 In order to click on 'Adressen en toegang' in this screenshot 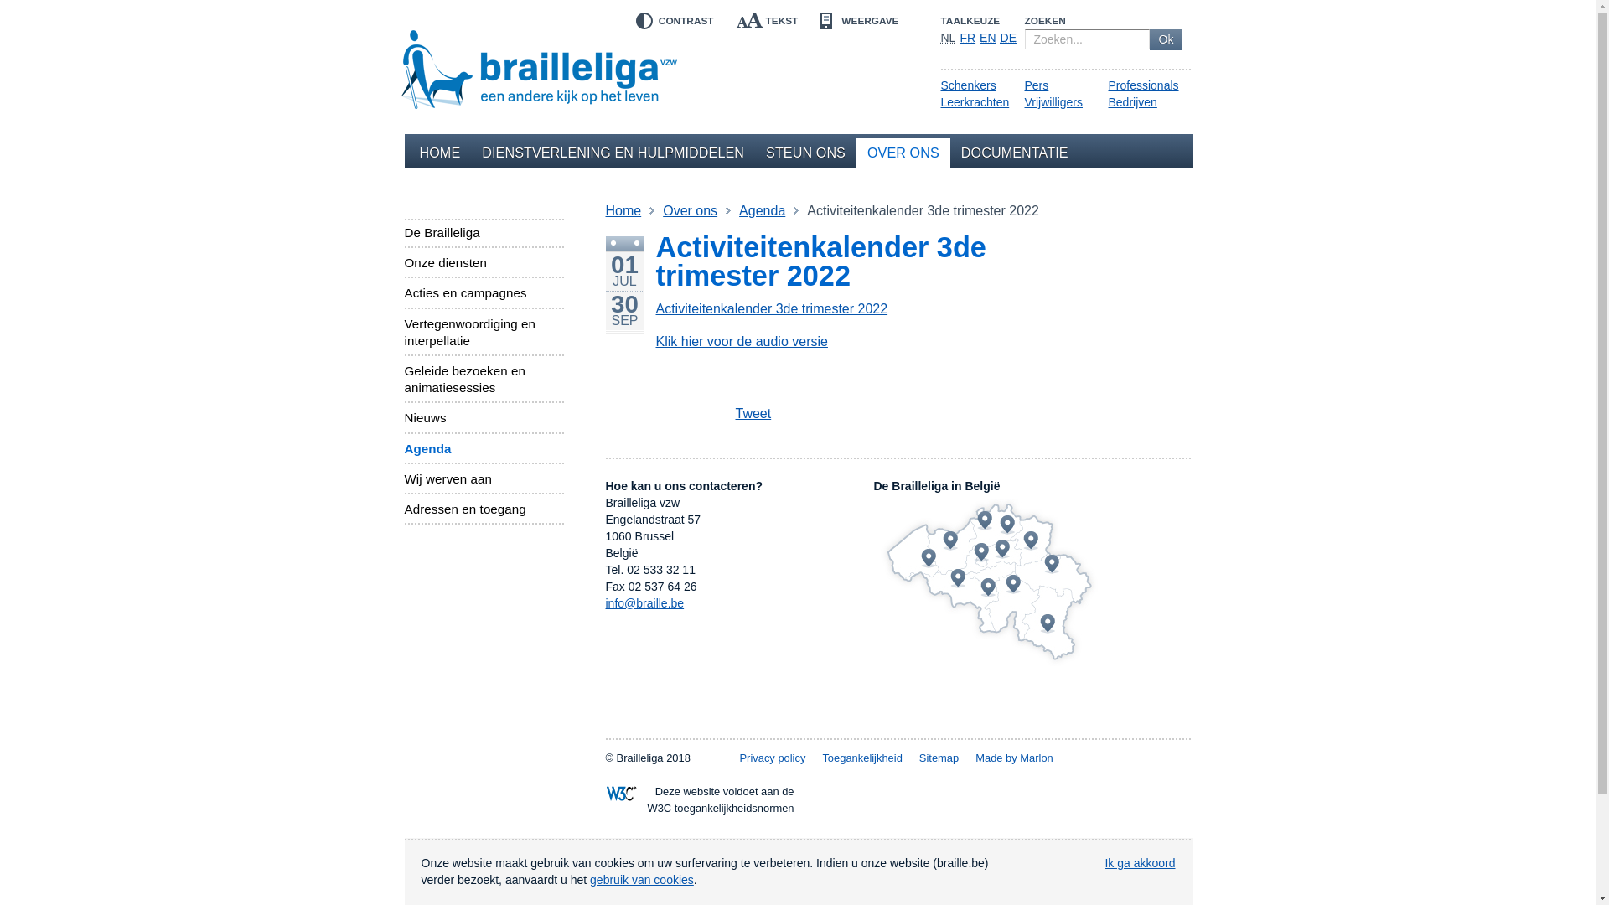, I will do `click(403, 509)`.